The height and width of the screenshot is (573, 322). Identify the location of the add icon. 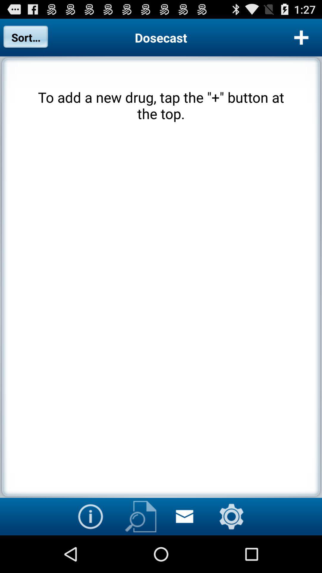
(301, 40).